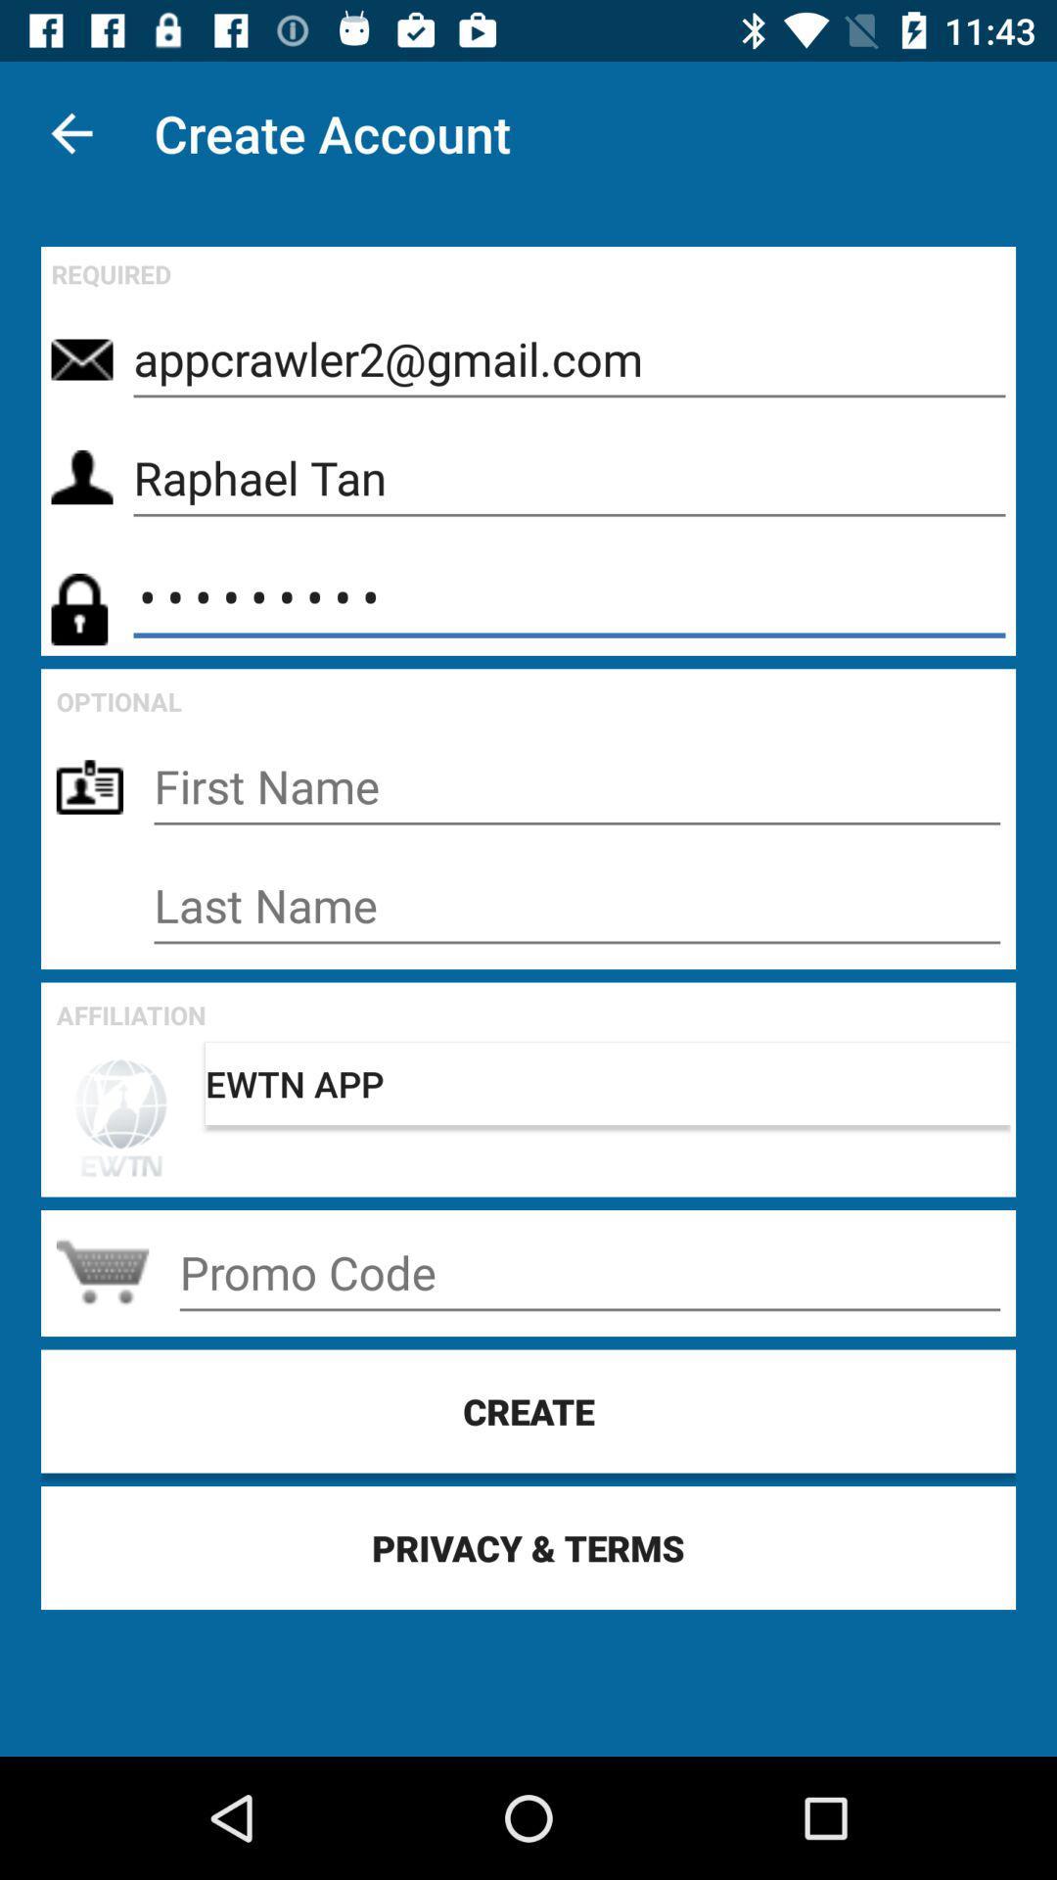 The image size is (1057, 1880). I want to click on the item below raphael tan, so click(570, 596).